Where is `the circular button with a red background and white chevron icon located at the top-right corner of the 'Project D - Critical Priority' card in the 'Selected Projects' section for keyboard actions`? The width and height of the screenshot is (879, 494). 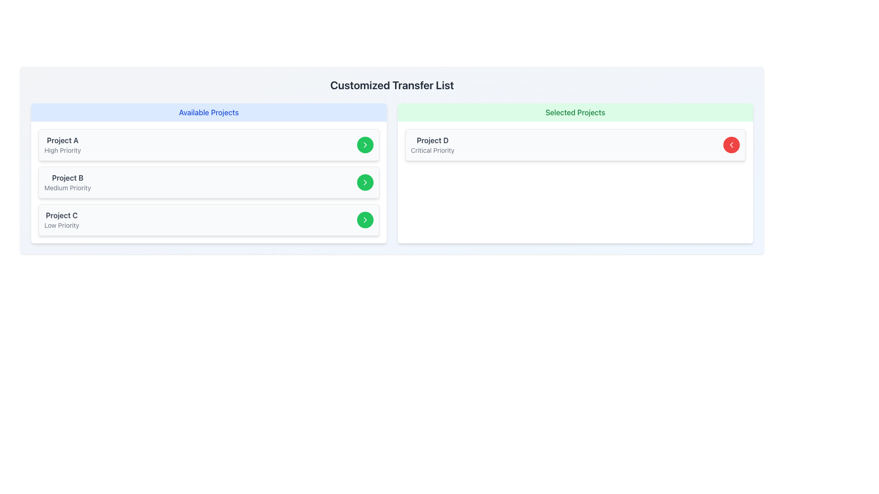
the circular button with a red background and white chevron icon located at the top-right corner of the 'Project D - Critical Priority' card in the 'Selected Projects' section for keyboard actions is located at coordinates (731, 144).